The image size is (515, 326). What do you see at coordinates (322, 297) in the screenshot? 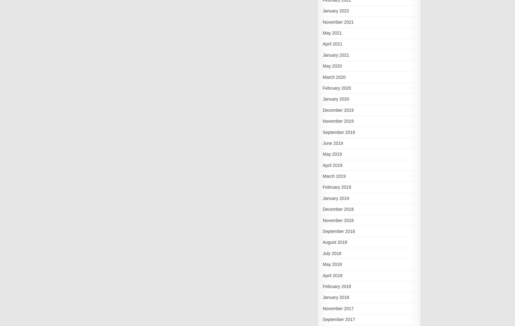
I see `'January 2018'` at bounding box center [322, 297].